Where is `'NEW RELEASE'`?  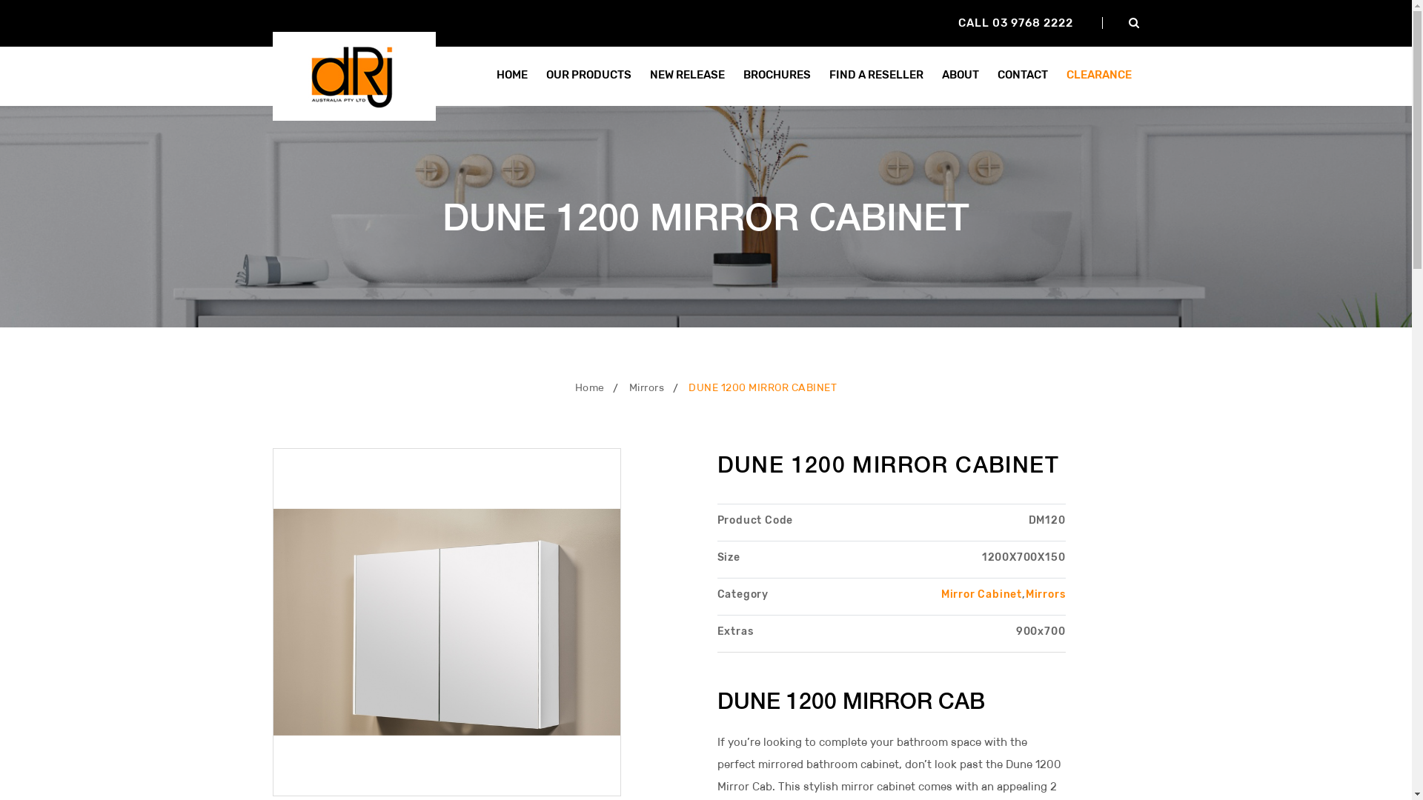 'NEW RELEASE' is located at coordinates (686, 75).